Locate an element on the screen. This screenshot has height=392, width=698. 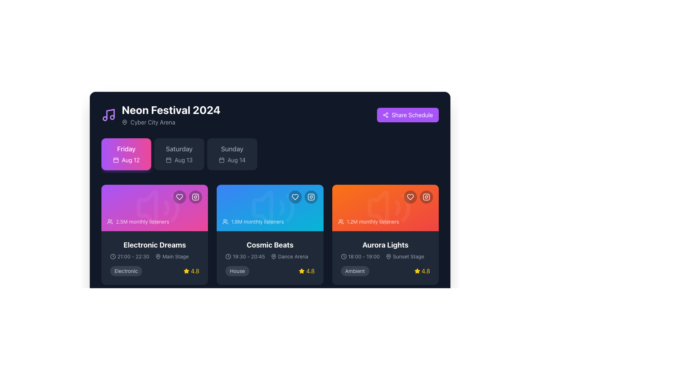
the second circular button located at the top-right corner of the orange 'Aurora Lights' card is located at coordinates (426, 197).